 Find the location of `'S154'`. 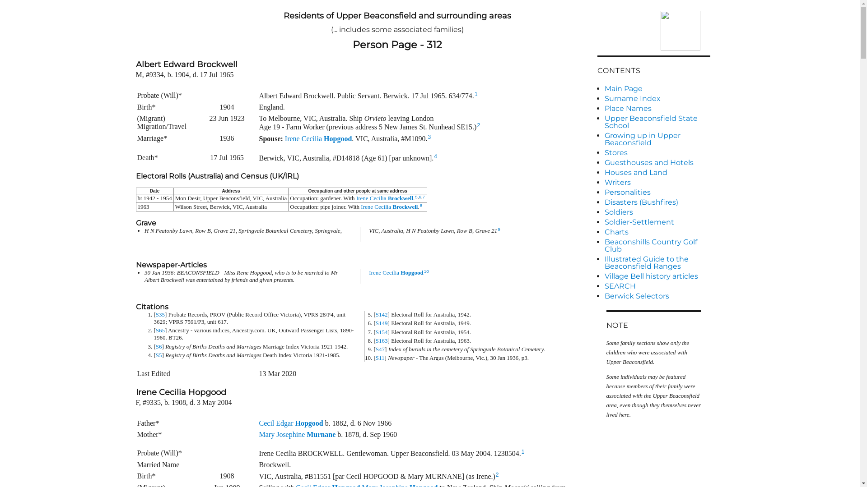

'S154' is located at coordinates (382, 332).